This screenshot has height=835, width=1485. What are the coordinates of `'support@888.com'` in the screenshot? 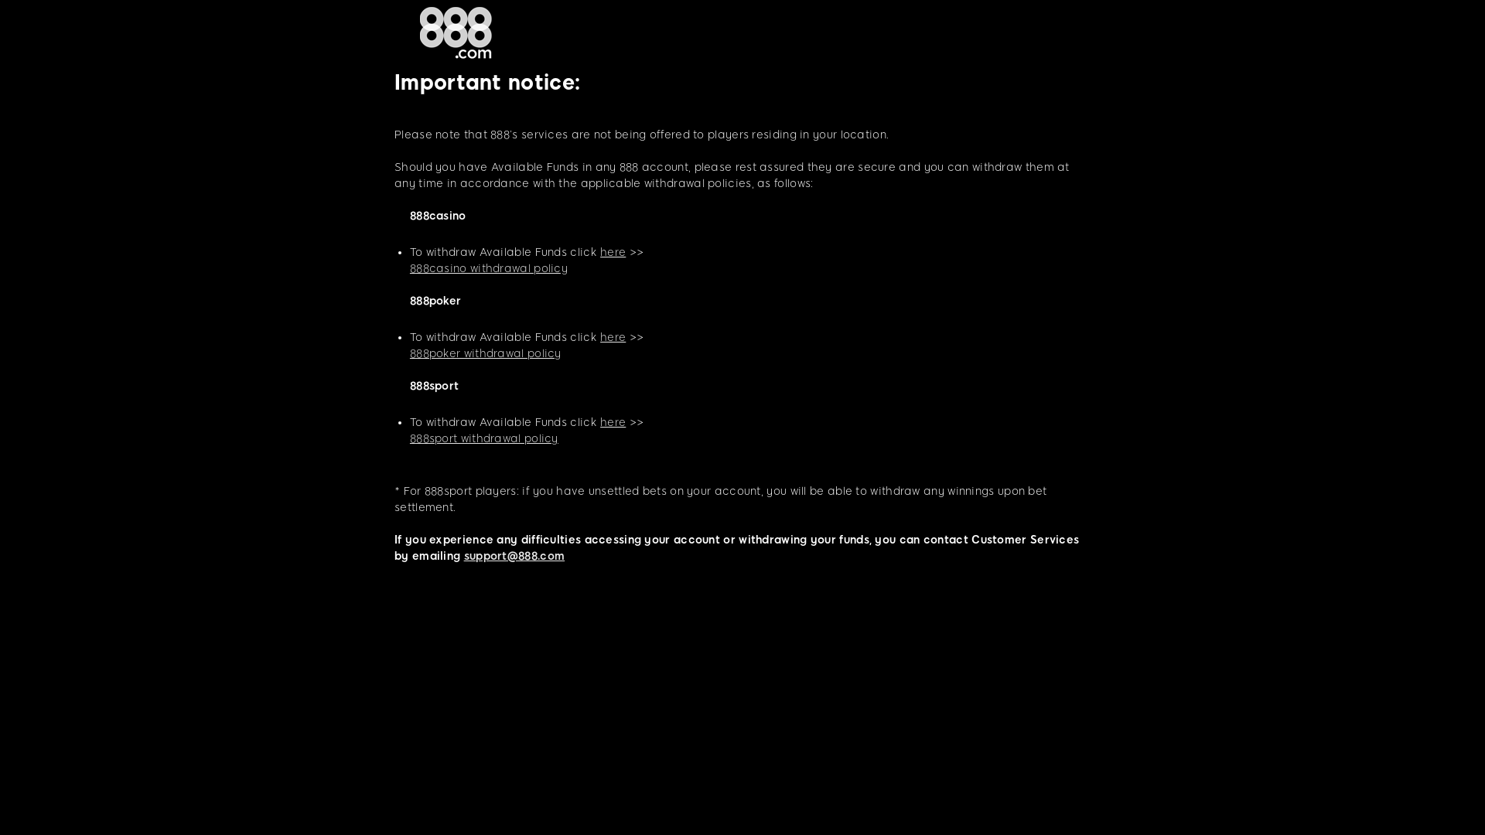 It's located at (514, 555).